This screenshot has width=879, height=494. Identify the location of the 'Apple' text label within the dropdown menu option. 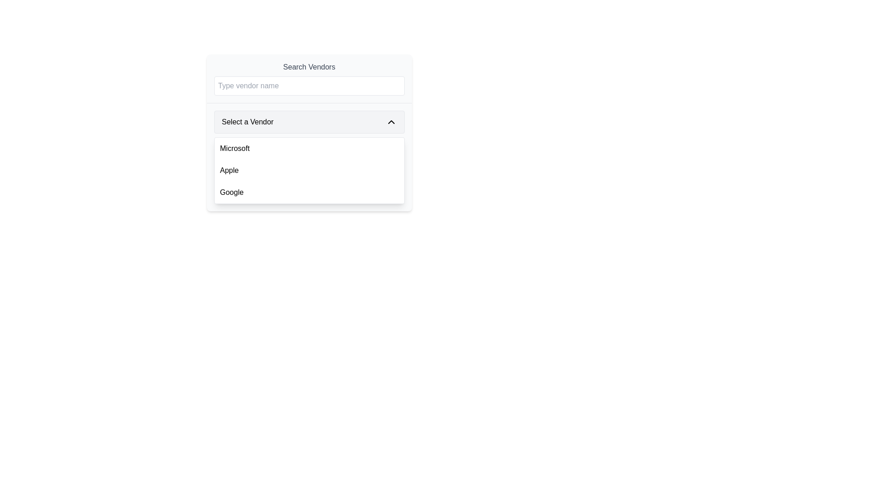
(229, 171).